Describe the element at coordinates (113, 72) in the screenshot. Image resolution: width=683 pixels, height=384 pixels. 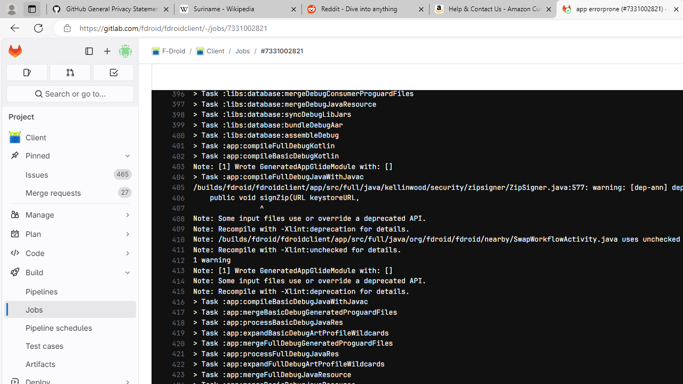
I see `'To-Do list 0'` at that location.